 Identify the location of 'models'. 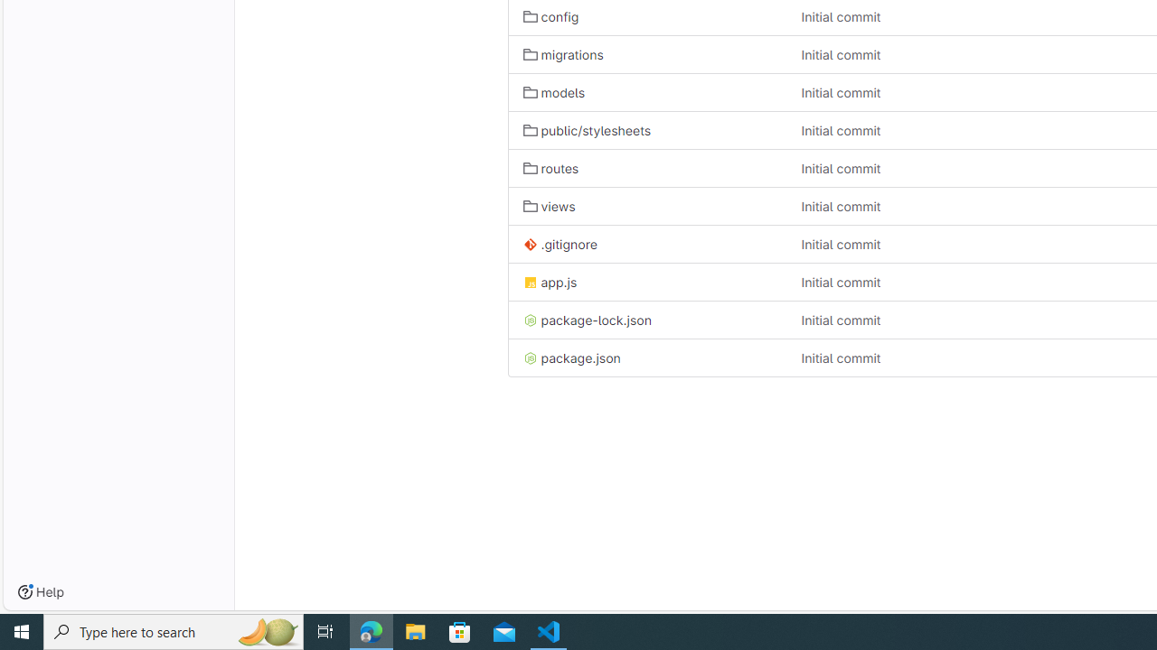
(647, 92).